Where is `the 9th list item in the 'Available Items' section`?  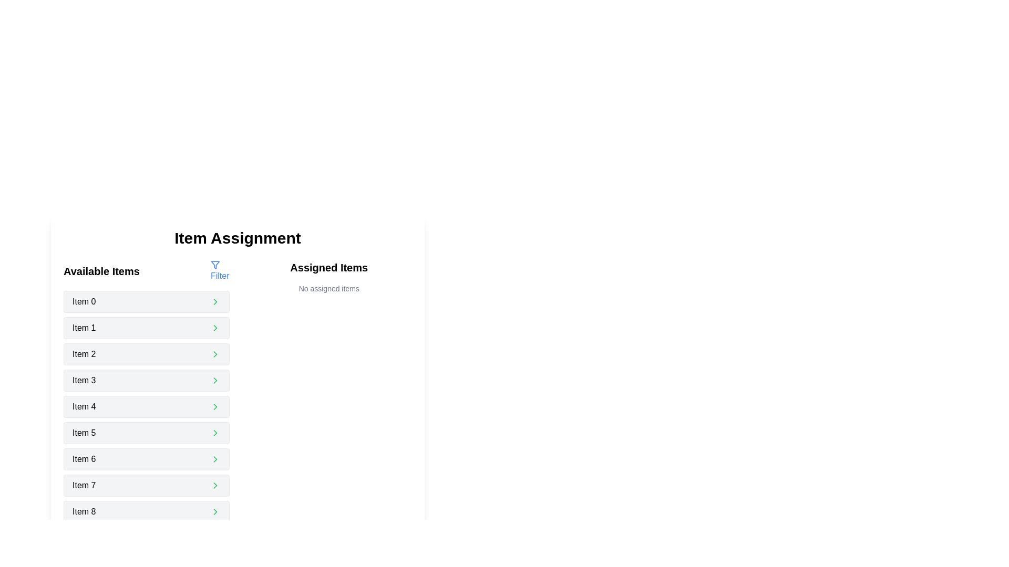
the 9th list item in the 'Available Items' section is located at coordinates (146, 511).